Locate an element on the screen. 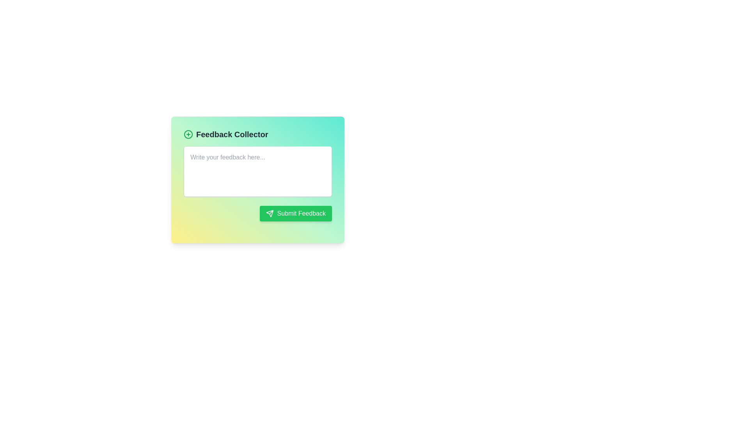  the distinctive 'Submit Feedback' button located towards the bottom-right of the interface is located at coordinates (295, 213).